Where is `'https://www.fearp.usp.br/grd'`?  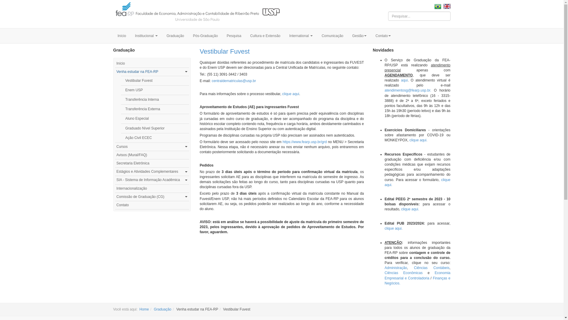 'https://www.fearp.usp.br/grd' is located at coordinates (304, 142).